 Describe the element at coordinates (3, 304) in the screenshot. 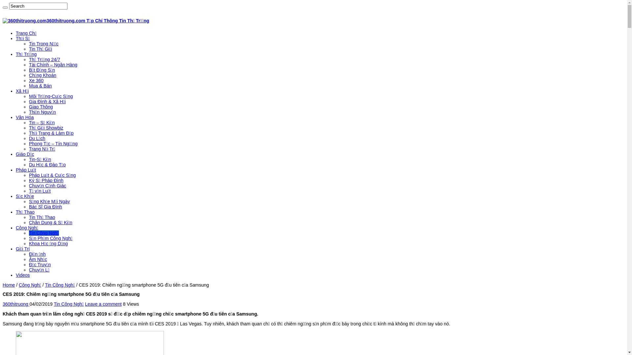

I see `'360thitruong'` at that location.